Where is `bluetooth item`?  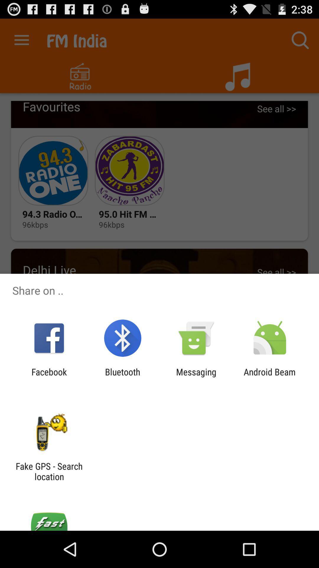 bluetooth item is located at coordinates (122, 377).